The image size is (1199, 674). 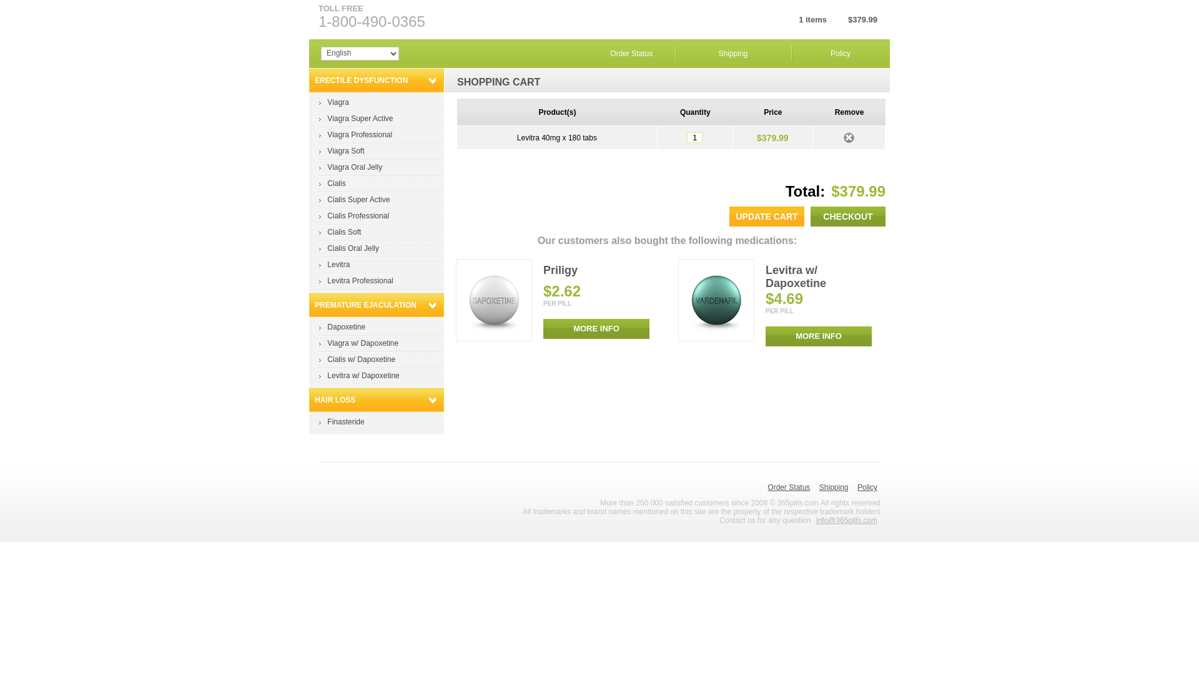 What do you see at coordinates (631, 52) in the screenshot?
I see `'Order Status'` at bounding box center [631, 52].